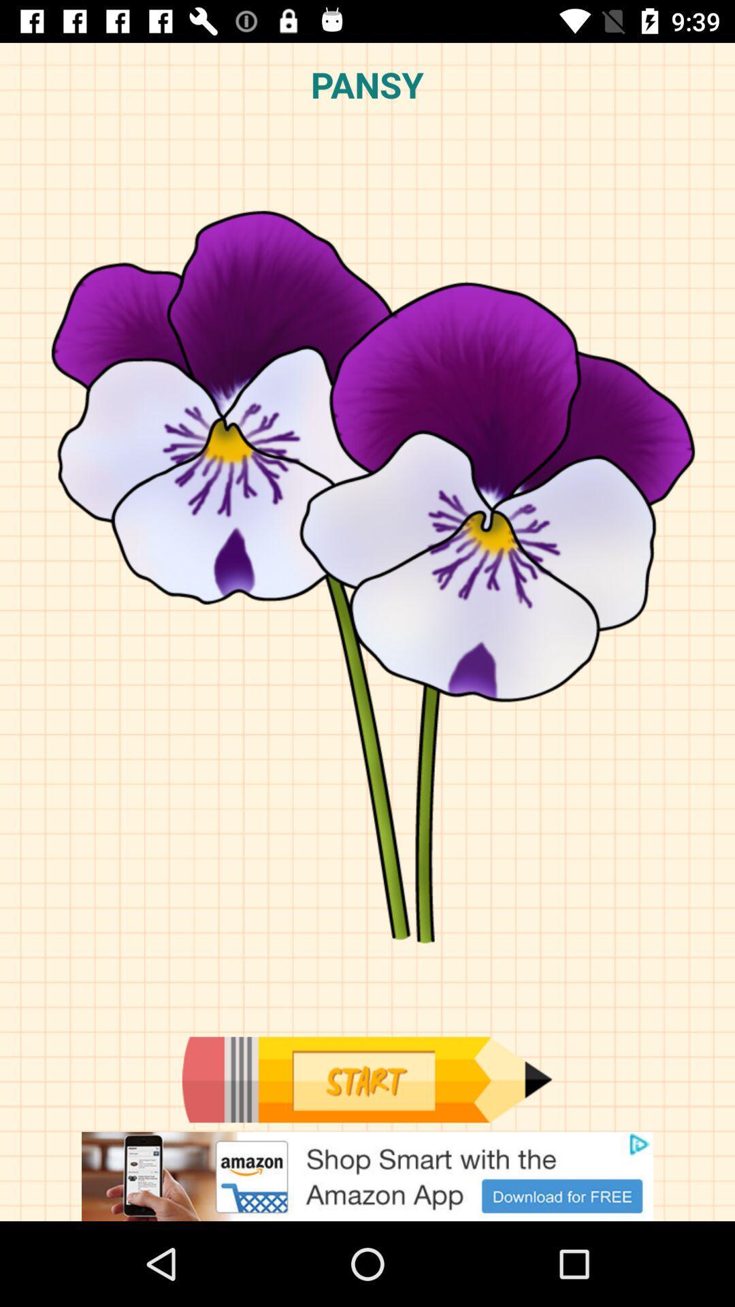 This screenshot has height=1307, width=735. I want to click on start to draw, so click(366, 1079).